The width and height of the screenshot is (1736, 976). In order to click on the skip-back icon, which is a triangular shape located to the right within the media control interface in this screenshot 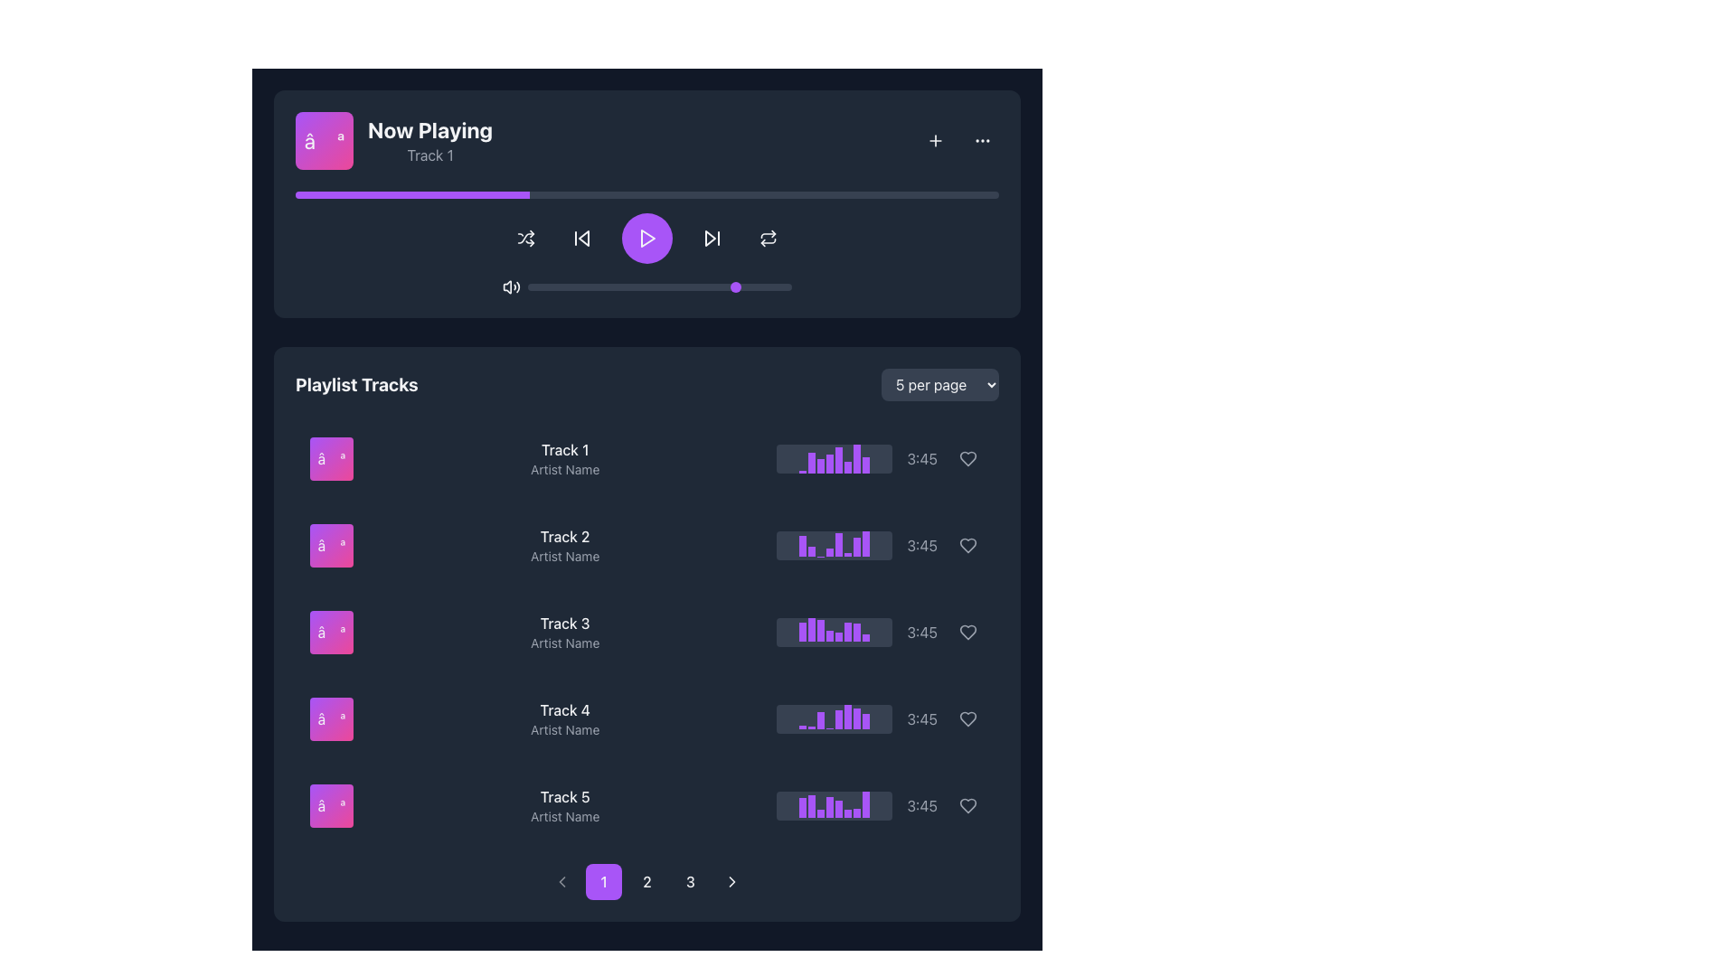, I will do `click(584, 237)`.